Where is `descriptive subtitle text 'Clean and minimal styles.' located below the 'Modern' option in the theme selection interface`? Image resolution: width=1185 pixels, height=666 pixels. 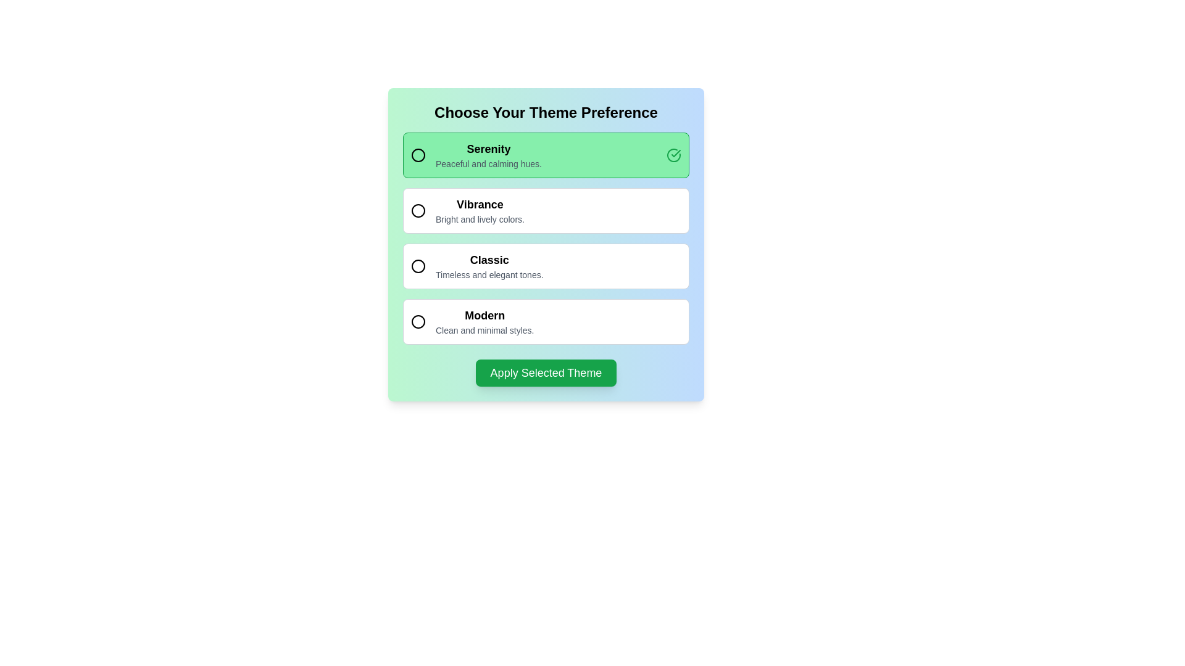
descriptive subtitle text 'Clean and minimal styles.' located below the 'Modern' option in the theme selection interface is located at coordinates (484, 330).